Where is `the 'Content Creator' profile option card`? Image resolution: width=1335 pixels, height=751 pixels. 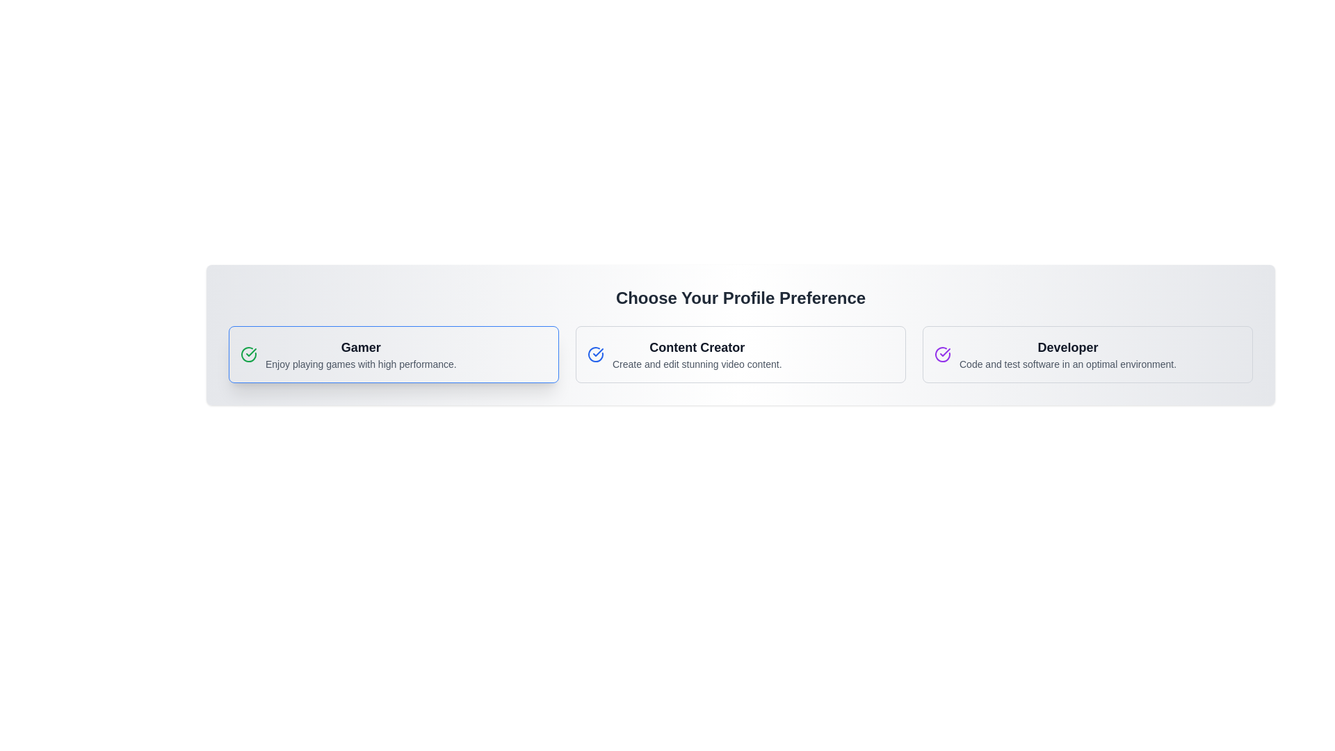 the 'Content Creator' profile option card is located at coordinates (740, 353).